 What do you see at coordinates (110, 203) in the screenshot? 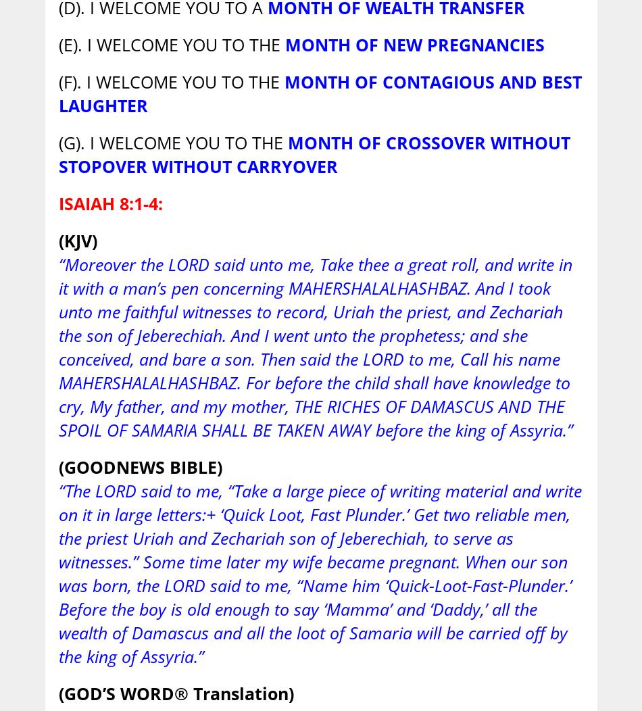
I see `'ISAIAH 8:1-4:'` at bounding box center [110, 203].